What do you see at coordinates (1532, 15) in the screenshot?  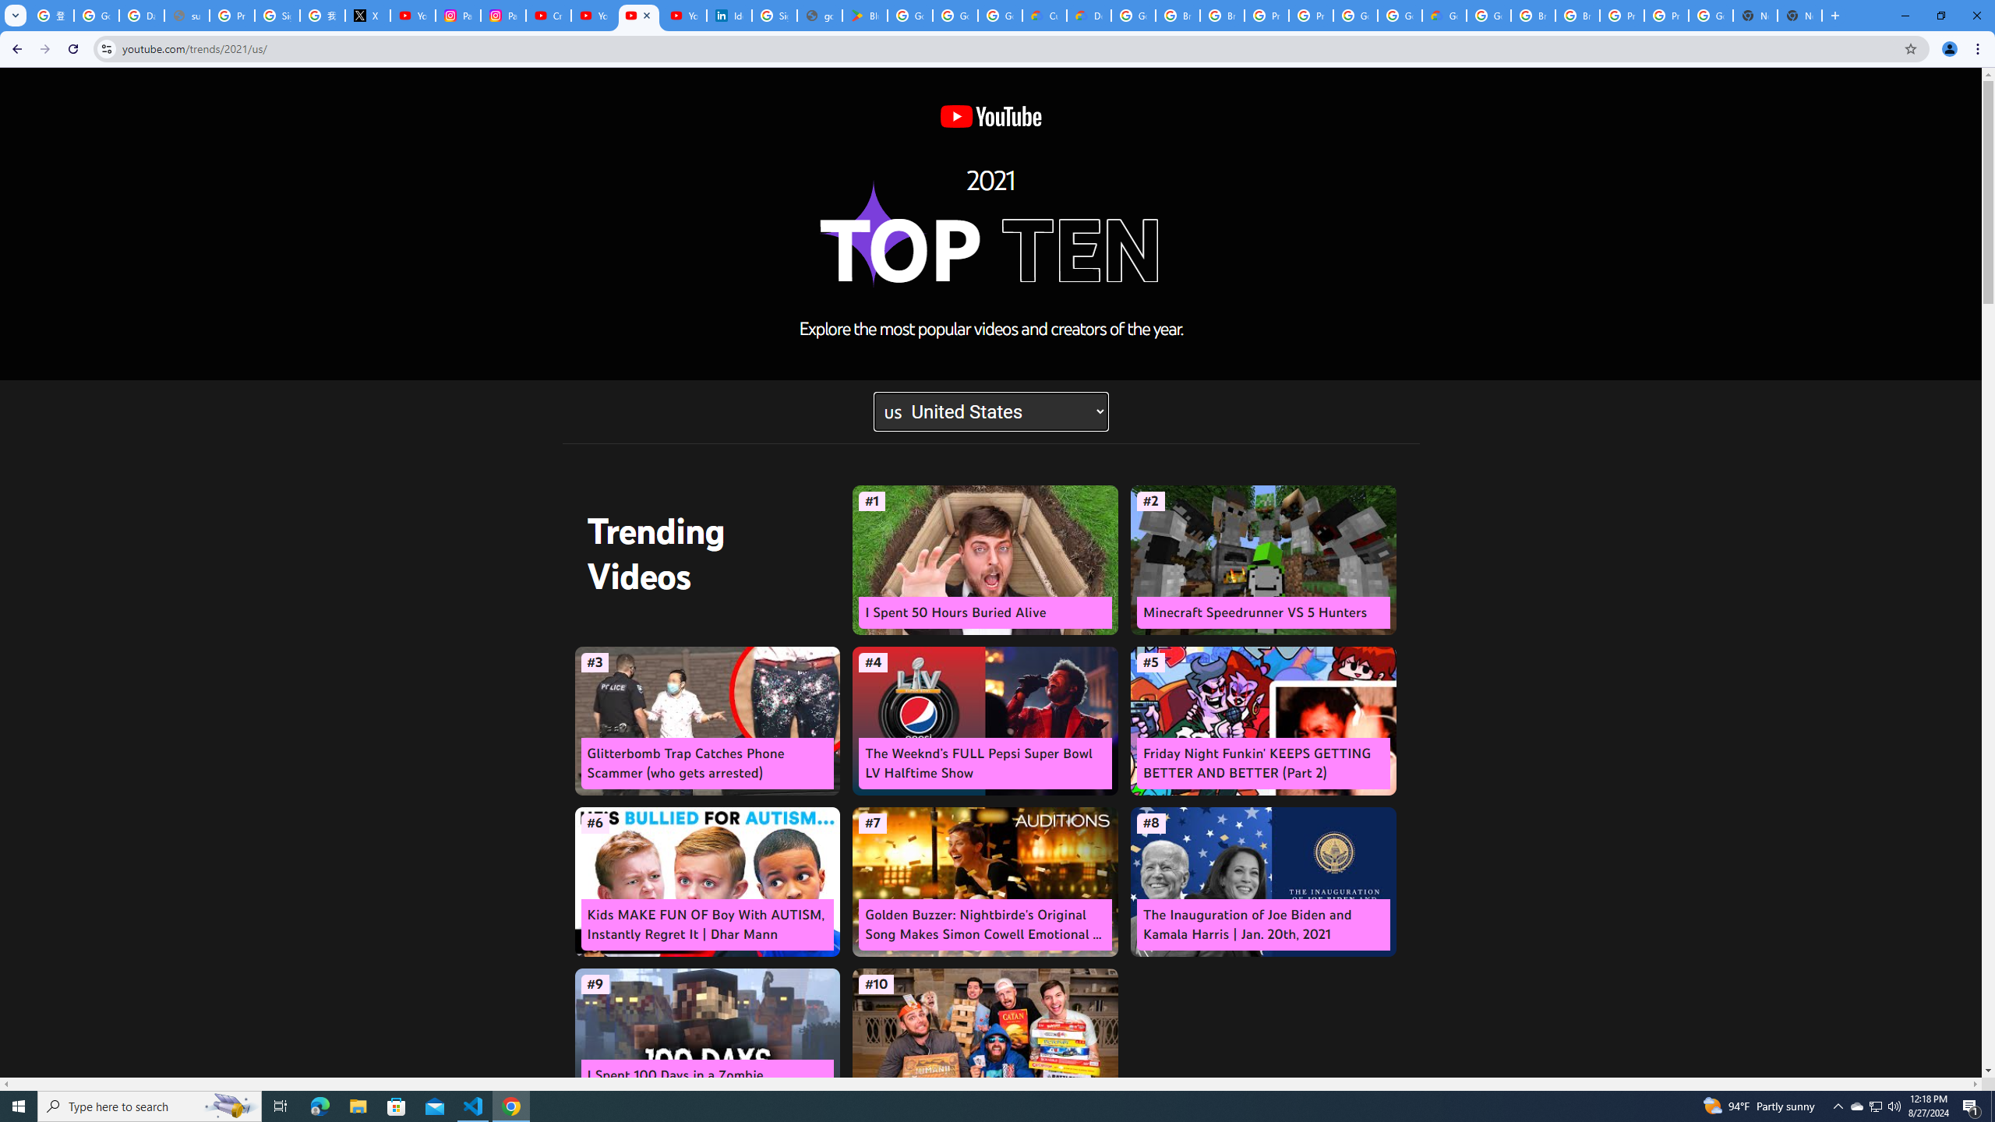 I see `'Browse Chrome as a guest - Computer - Google Chrome Help'` at bounding box center [1532, 15].